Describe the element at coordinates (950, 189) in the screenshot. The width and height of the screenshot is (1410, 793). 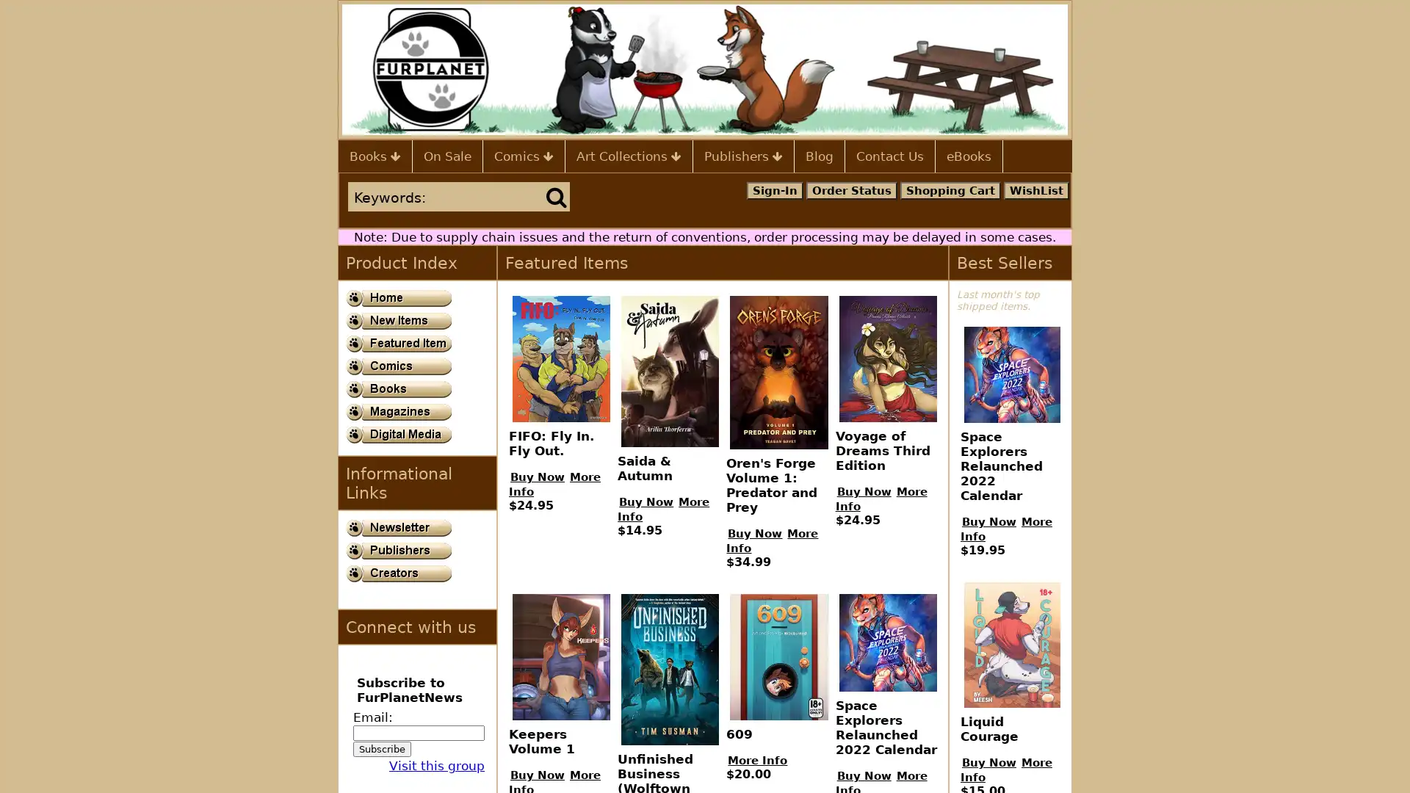
I see `Shopping Cart` at that location.